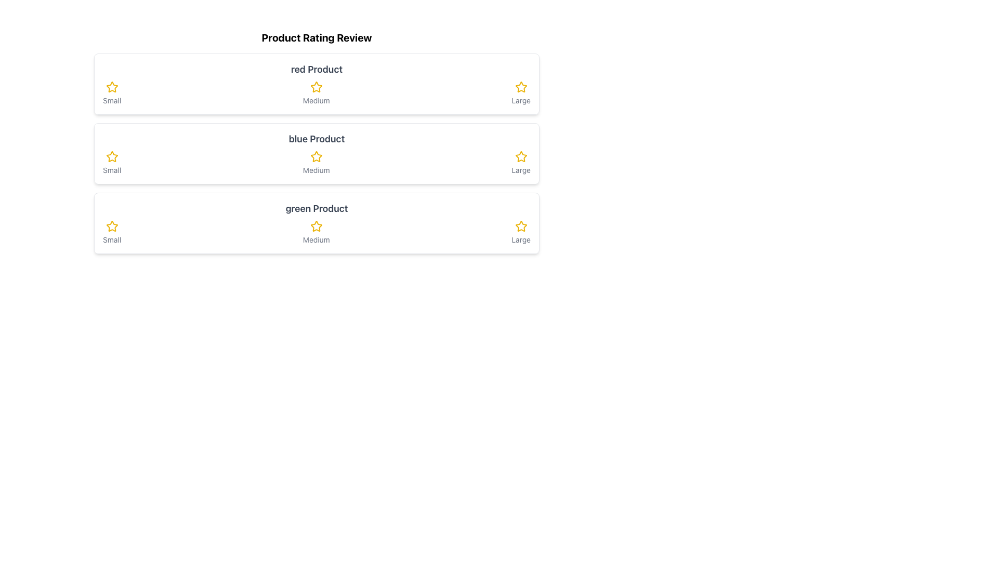  What do you see at coordinates (112, 232) in the screenshot?
I see `the selectable option labeled 'Small', which features a yellow star icon above its gray label` at bounding box center [112, 232].